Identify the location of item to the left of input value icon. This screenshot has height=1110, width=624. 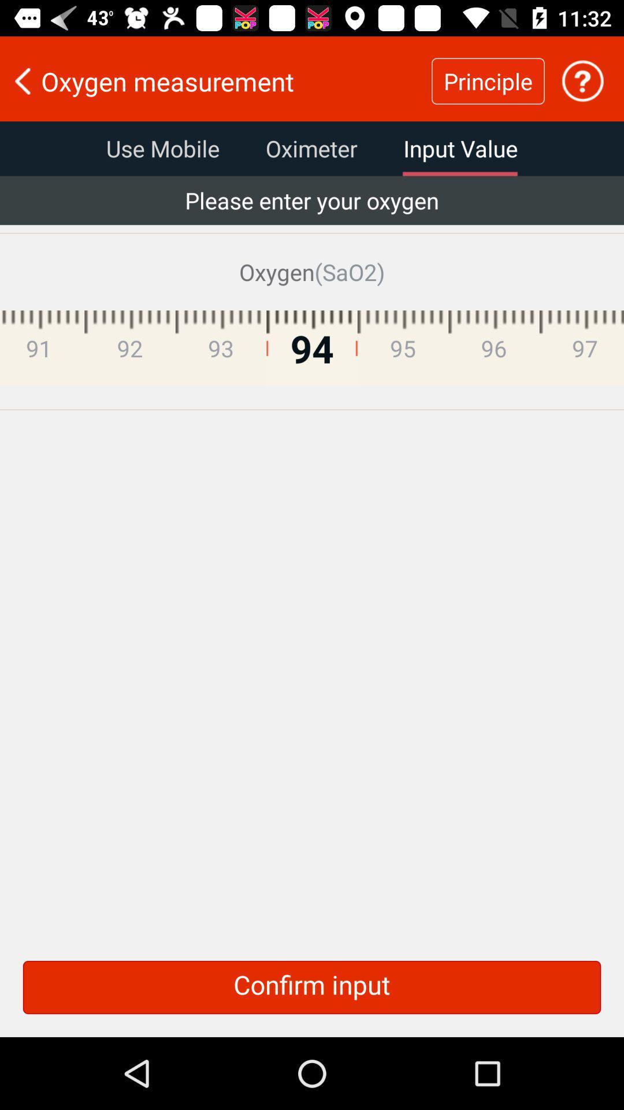
(311, 148).